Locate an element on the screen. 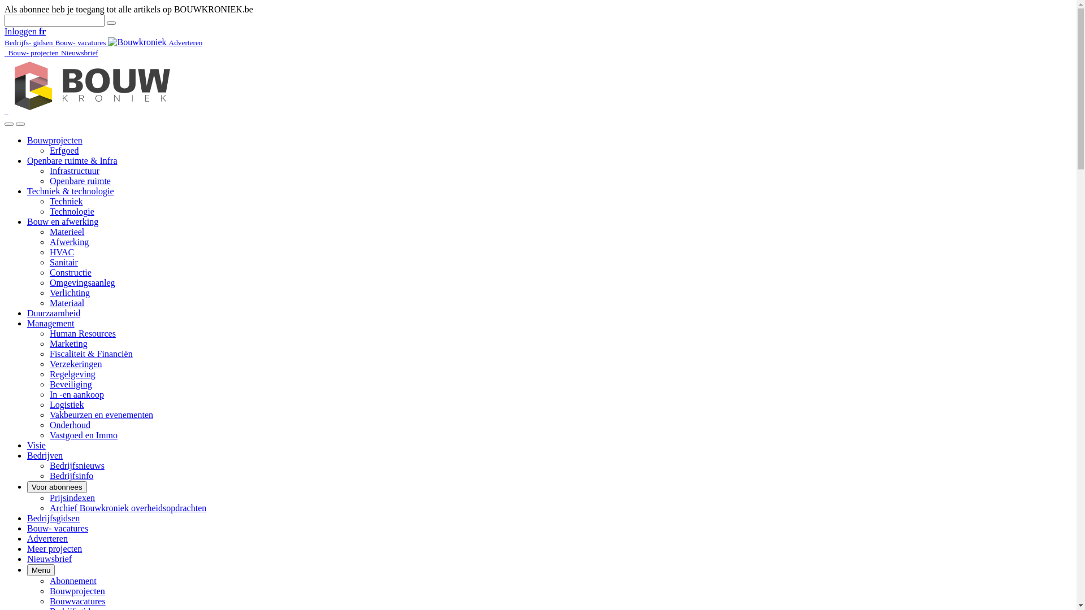 Image resolution: width=1085 pixels, height=610 pixels. 'HVAC' is located at coordinates (61, 251).